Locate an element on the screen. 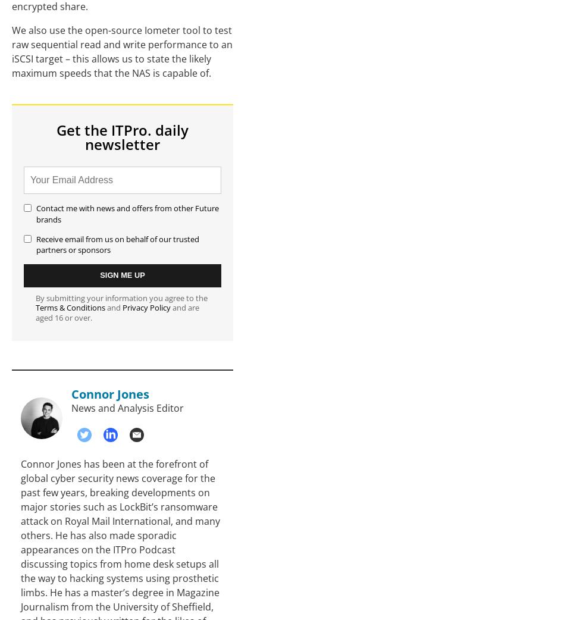 This screenshot has height=620, width=583. 'News and Analysis Editor' is located at coordinates (127, 408).